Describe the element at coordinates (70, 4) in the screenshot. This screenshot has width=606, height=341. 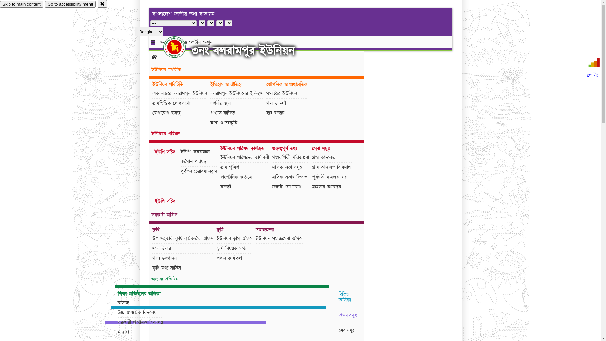
I see `'Go to accessibility menu'` at that location.